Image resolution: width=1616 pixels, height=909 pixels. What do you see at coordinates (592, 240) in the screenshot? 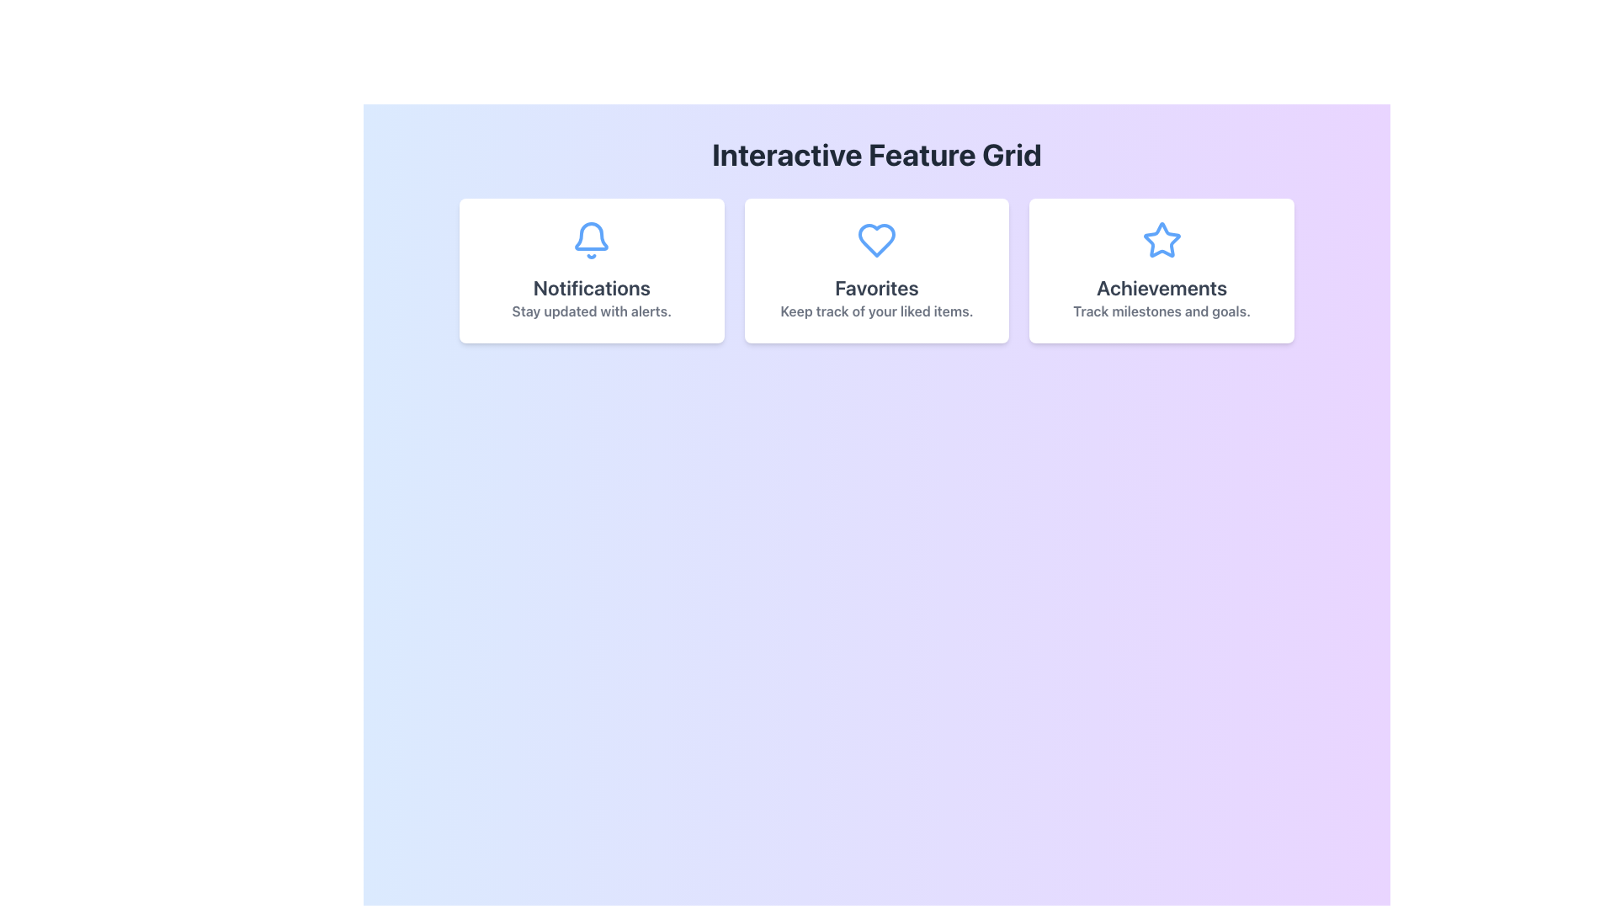
I see `the blue bell icon located at the top center of the 'Notifications' section, which is above the text 'Stay updated with alerts'` at bounding box center [592, 240].